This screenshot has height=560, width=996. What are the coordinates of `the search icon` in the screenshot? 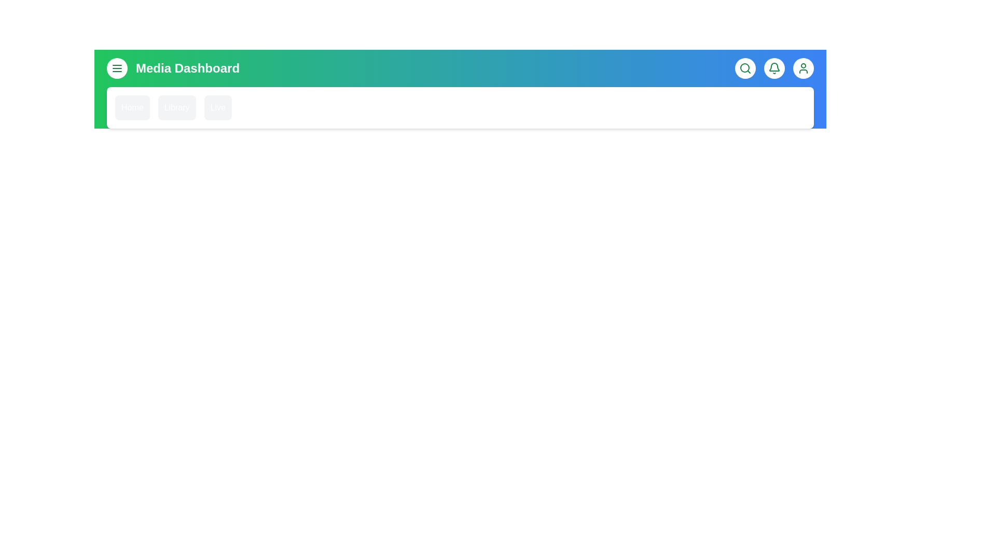 It's located at (744, 68).